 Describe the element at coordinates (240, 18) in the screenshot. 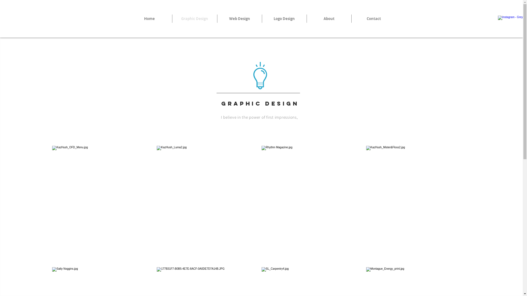

I see `'Web Design'` at that location.